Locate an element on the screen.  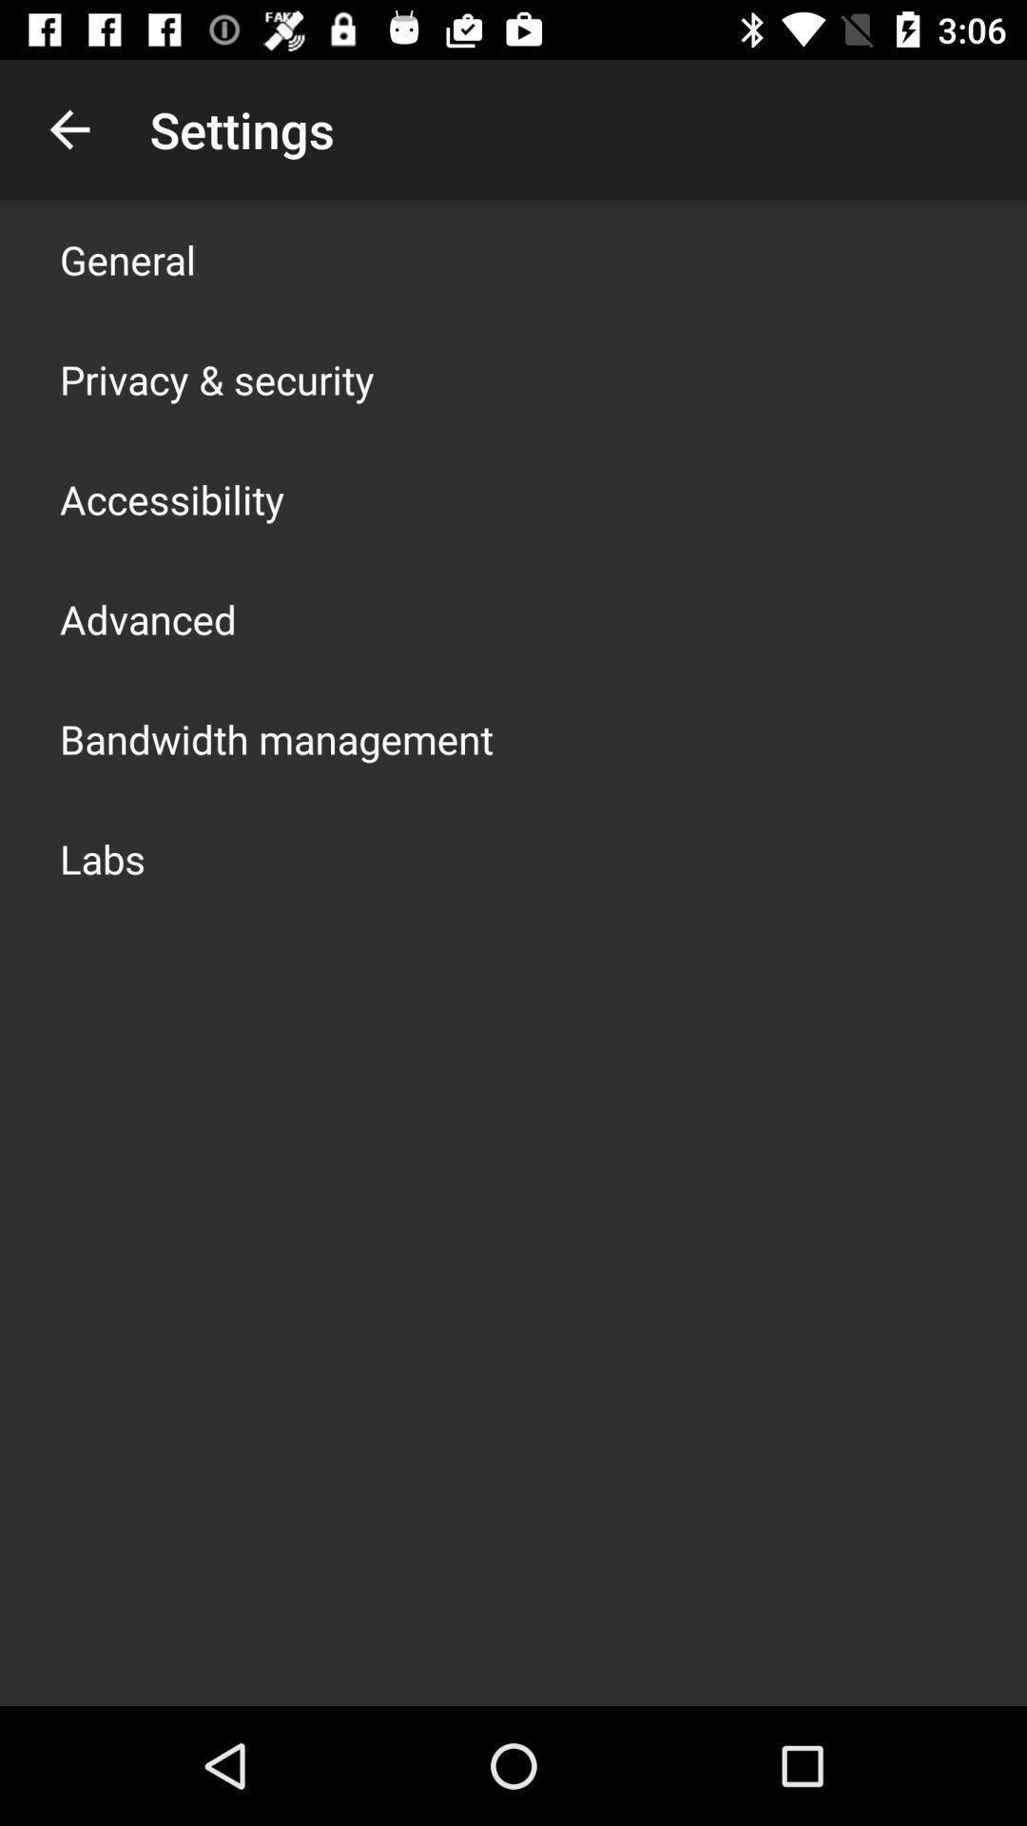
general is located at coordinates (127, 259).